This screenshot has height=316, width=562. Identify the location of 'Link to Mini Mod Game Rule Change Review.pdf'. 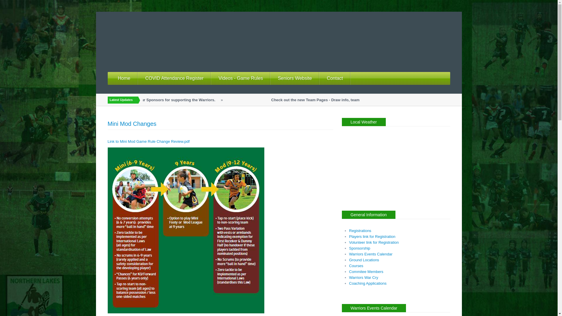
(108, 141).